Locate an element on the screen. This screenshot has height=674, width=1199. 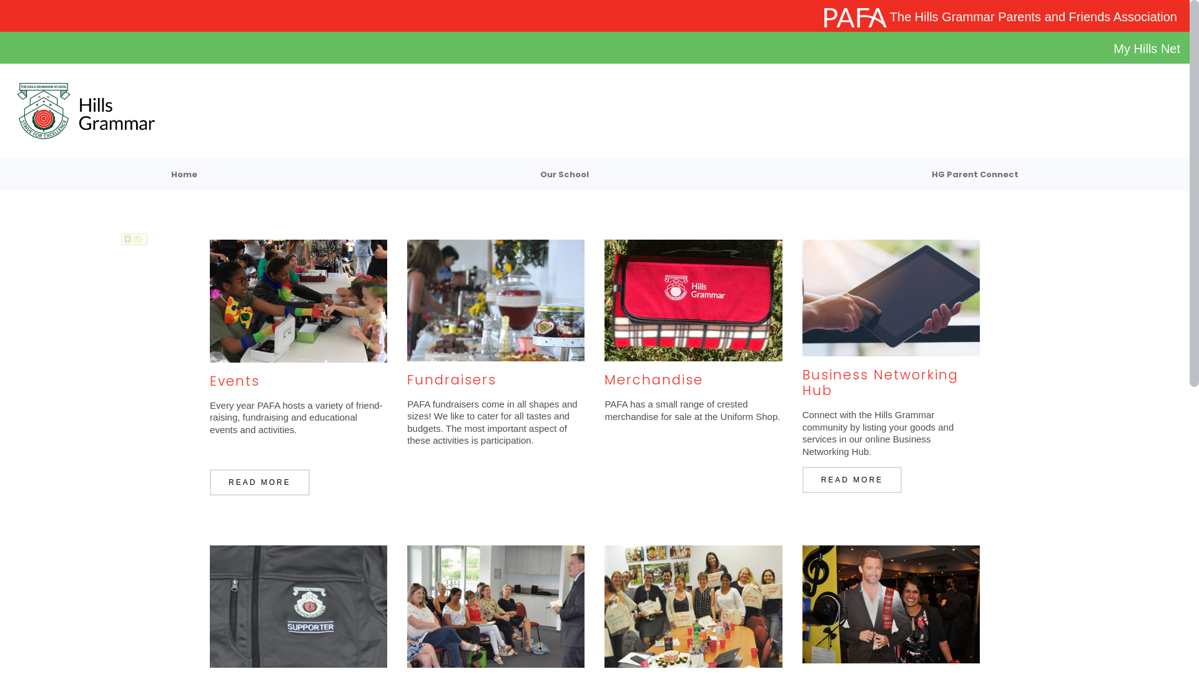
'HG Parent Connect' is located at coordinates (974, 175).